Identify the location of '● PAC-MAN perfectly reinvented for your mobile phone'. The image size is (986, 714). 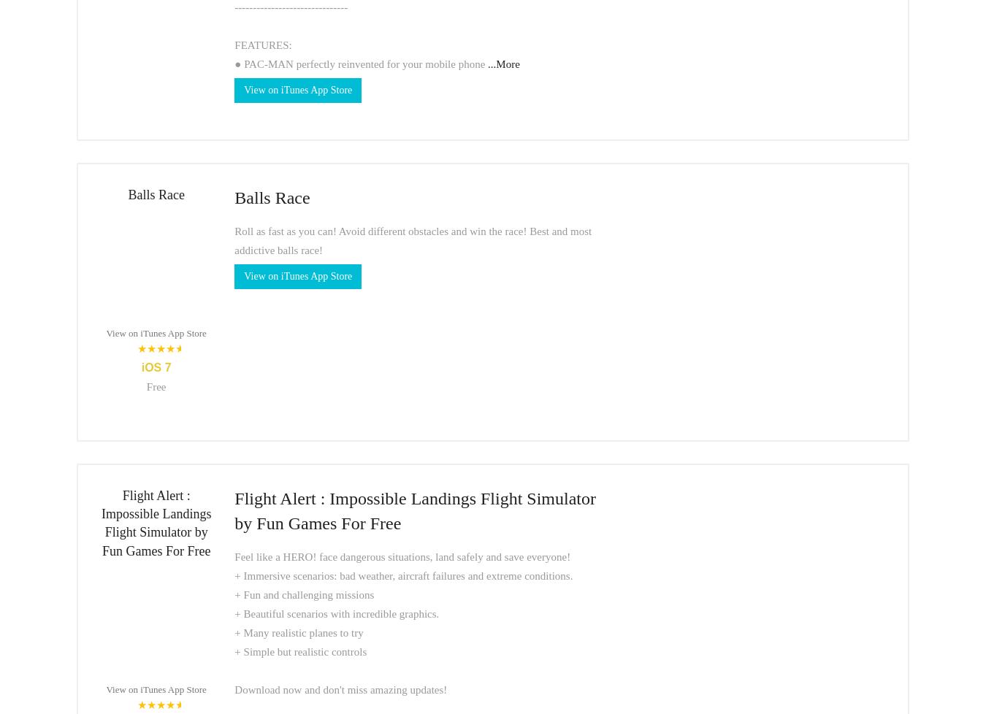
(360, 64).